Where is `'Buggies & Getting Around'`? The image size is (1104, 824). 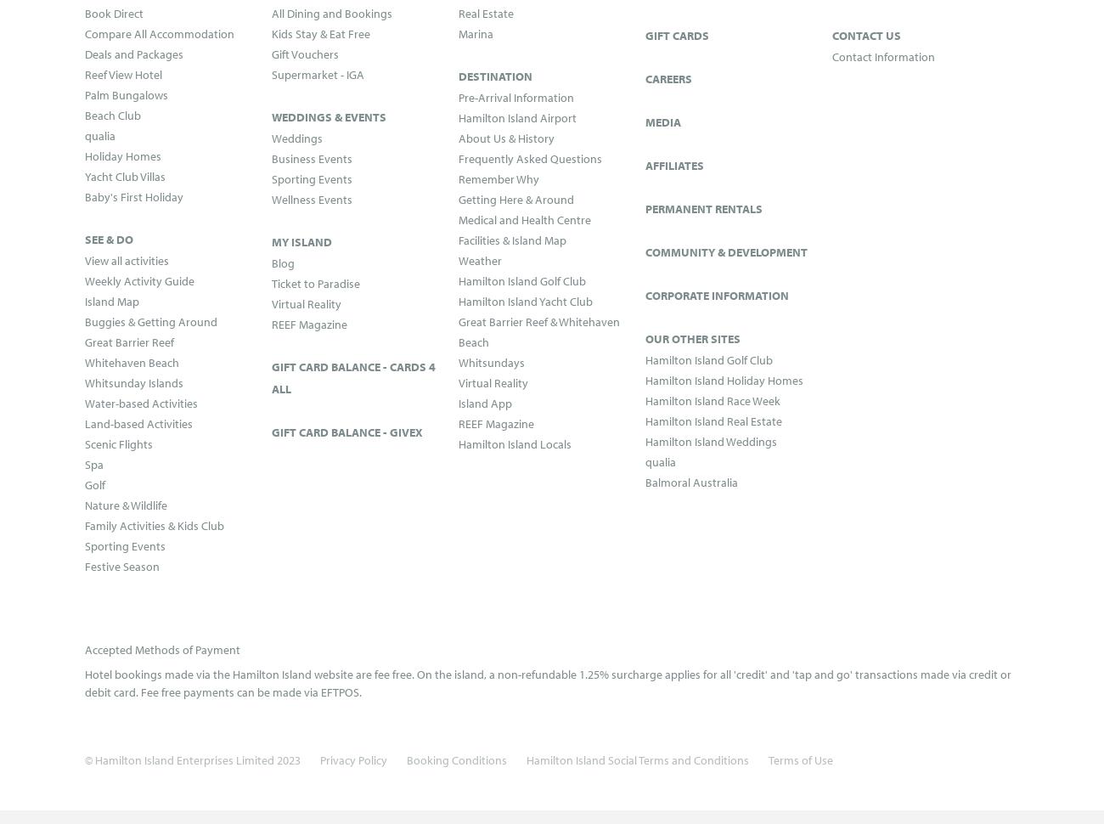 'Buggies & Getting Around' is located at coordinates (150, 320).